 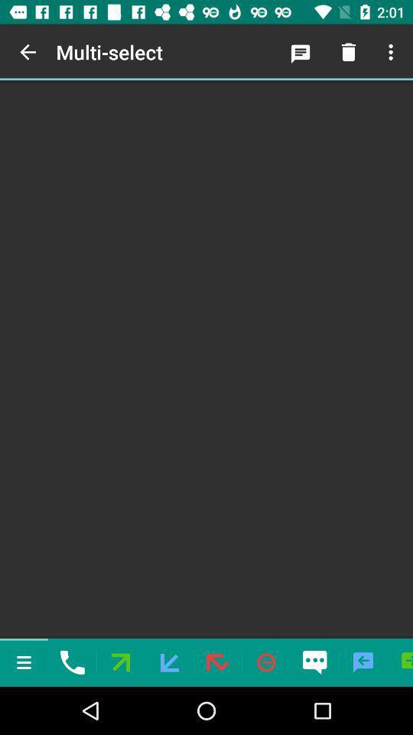 I want to click on icon to the right of the multi-select icon, so click(x=301, y=52).